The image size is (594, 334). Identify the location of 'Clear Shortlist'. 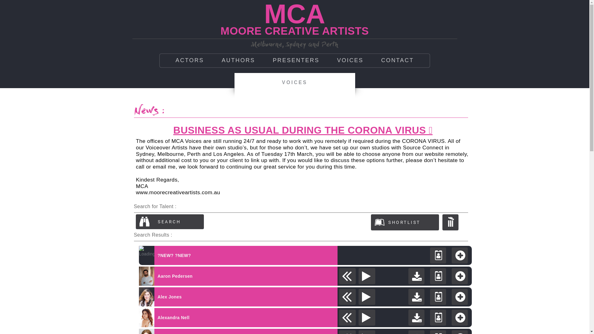
(442, 222).